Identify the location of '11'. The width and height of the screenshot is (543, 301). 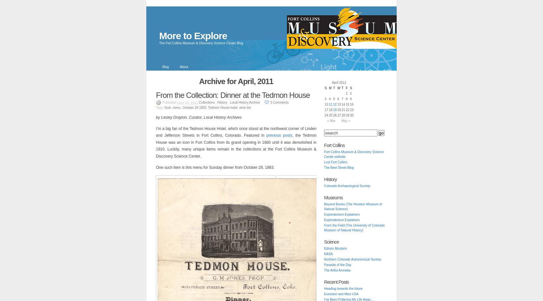
(328, 104).